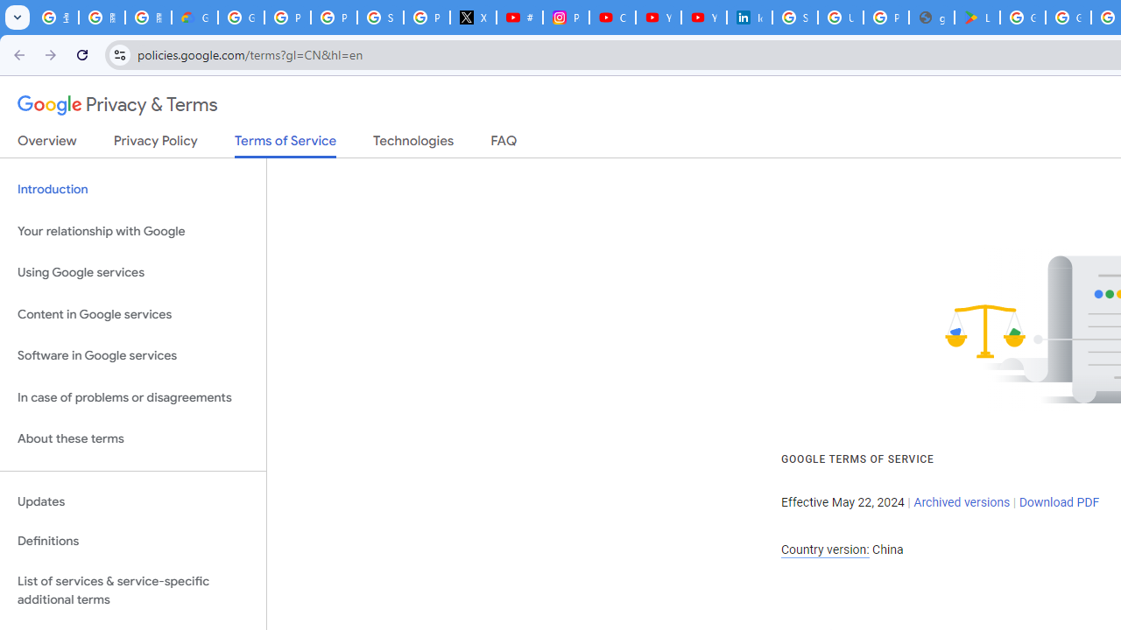 The width and height of the screenshot is (1121, 630). Describe the element at coordinates (132, 438) in the screenshot. I see `'About these terms'` at that location.